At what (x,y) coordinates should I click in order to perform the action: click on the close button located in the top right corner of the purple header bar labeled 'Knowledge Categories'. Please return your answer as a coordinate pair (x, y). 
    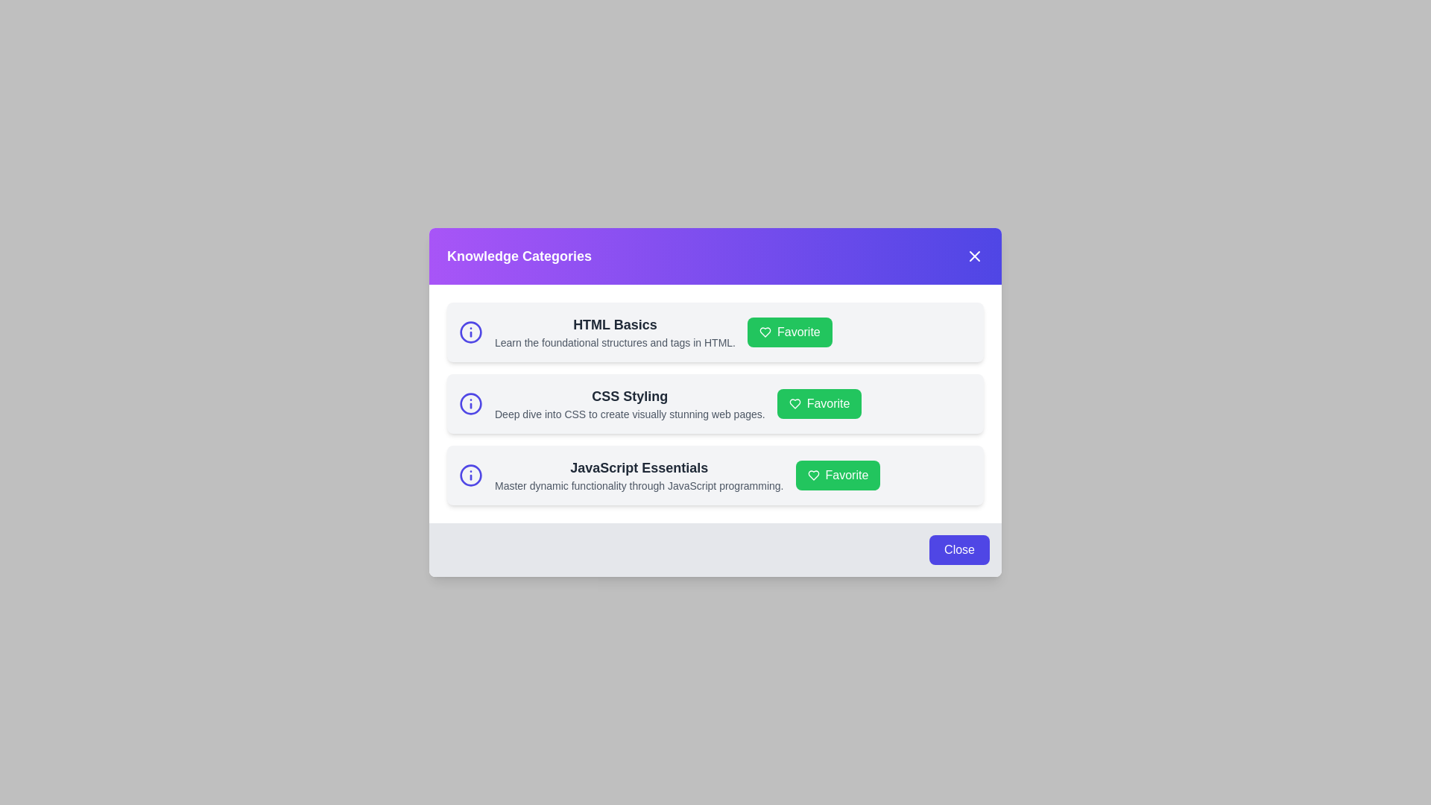
    Looking at the image, I should click on (975, 255).